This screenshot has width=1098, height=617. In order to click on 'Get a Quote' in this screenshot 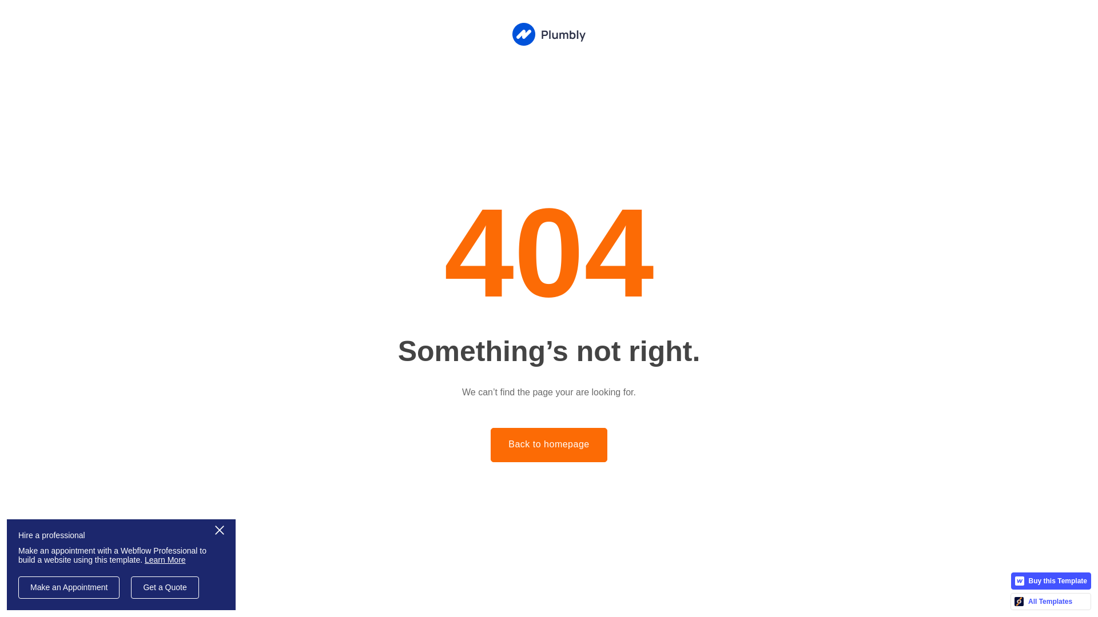, I will do `click(131, 587)`.